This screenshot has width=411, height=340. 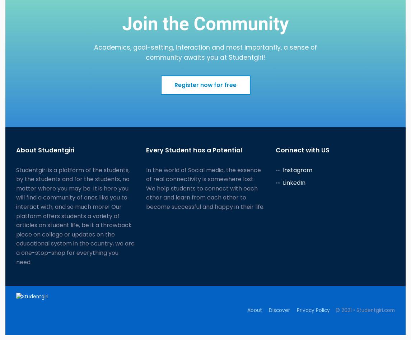 I want to click on 'Join the Community', so click(x=205, y=23).